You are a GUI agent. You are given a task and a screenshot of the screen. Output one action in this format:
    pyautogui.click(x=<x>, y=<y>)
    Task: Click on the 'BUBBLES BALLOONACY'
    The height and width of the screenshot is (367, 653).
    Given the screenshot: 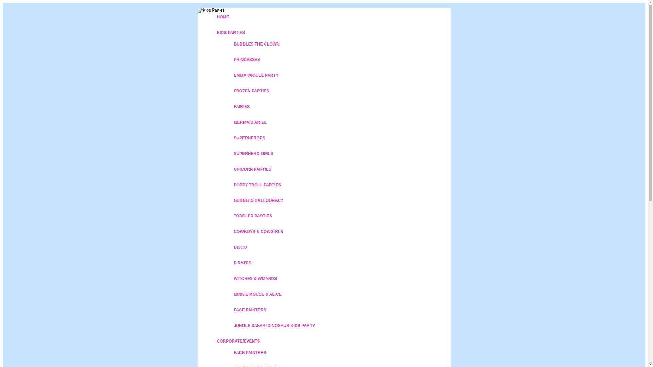 What is the action you would take?
    pyautogui.click(x=258, y=200)
    